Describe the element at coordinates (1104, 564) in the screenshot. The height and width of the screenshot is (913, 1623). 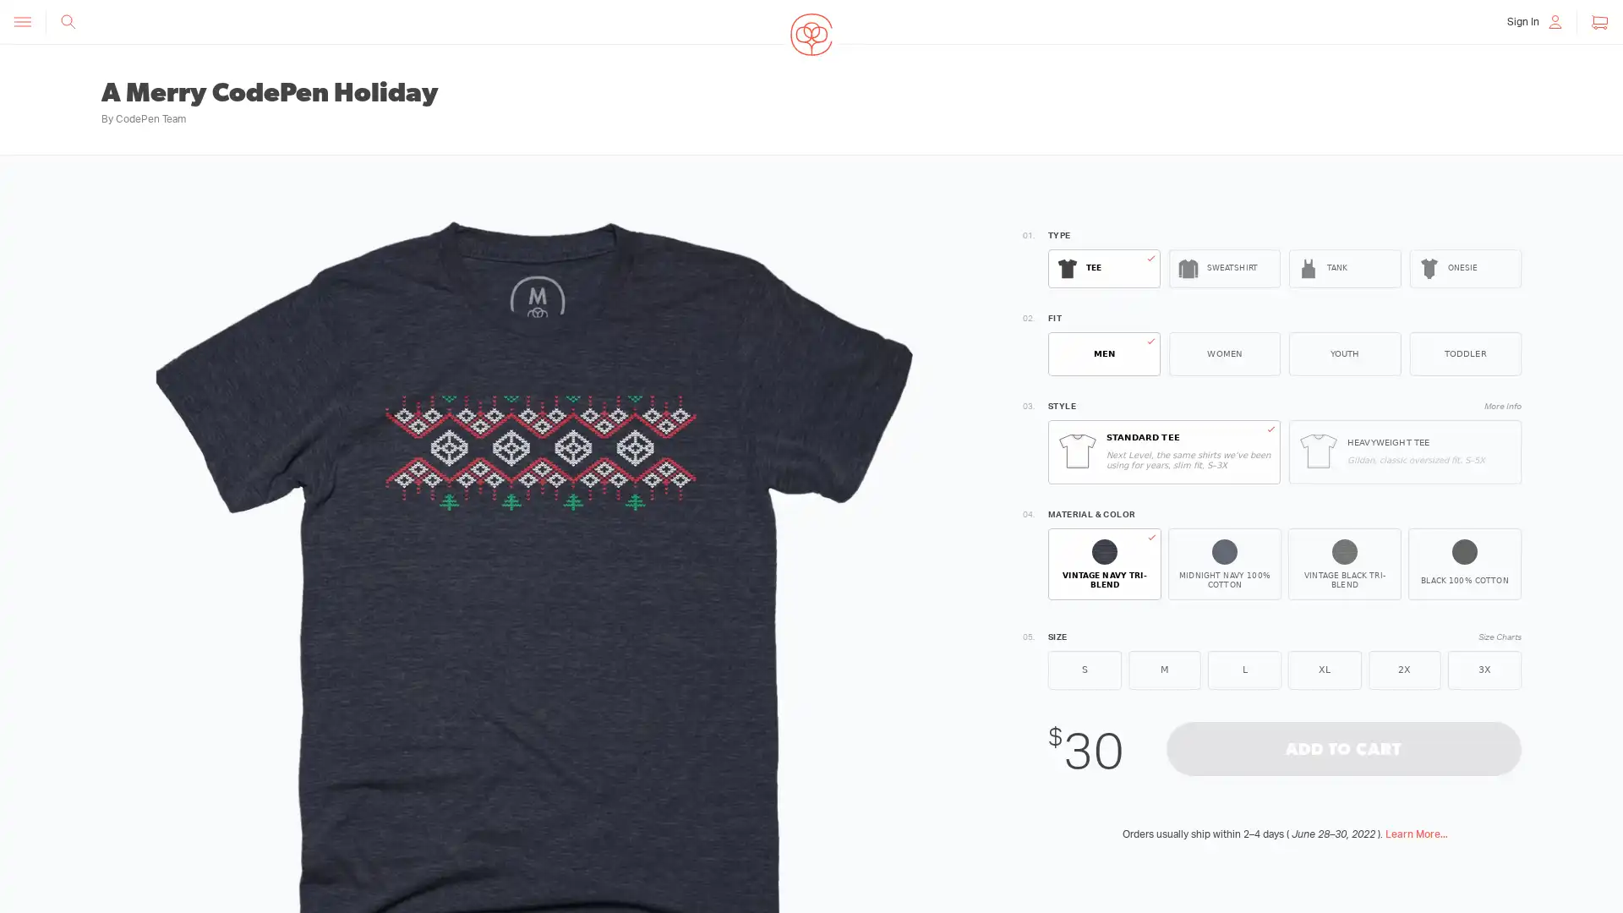
I see `VINTAGE NAVY TRI-BLEND` at that location.